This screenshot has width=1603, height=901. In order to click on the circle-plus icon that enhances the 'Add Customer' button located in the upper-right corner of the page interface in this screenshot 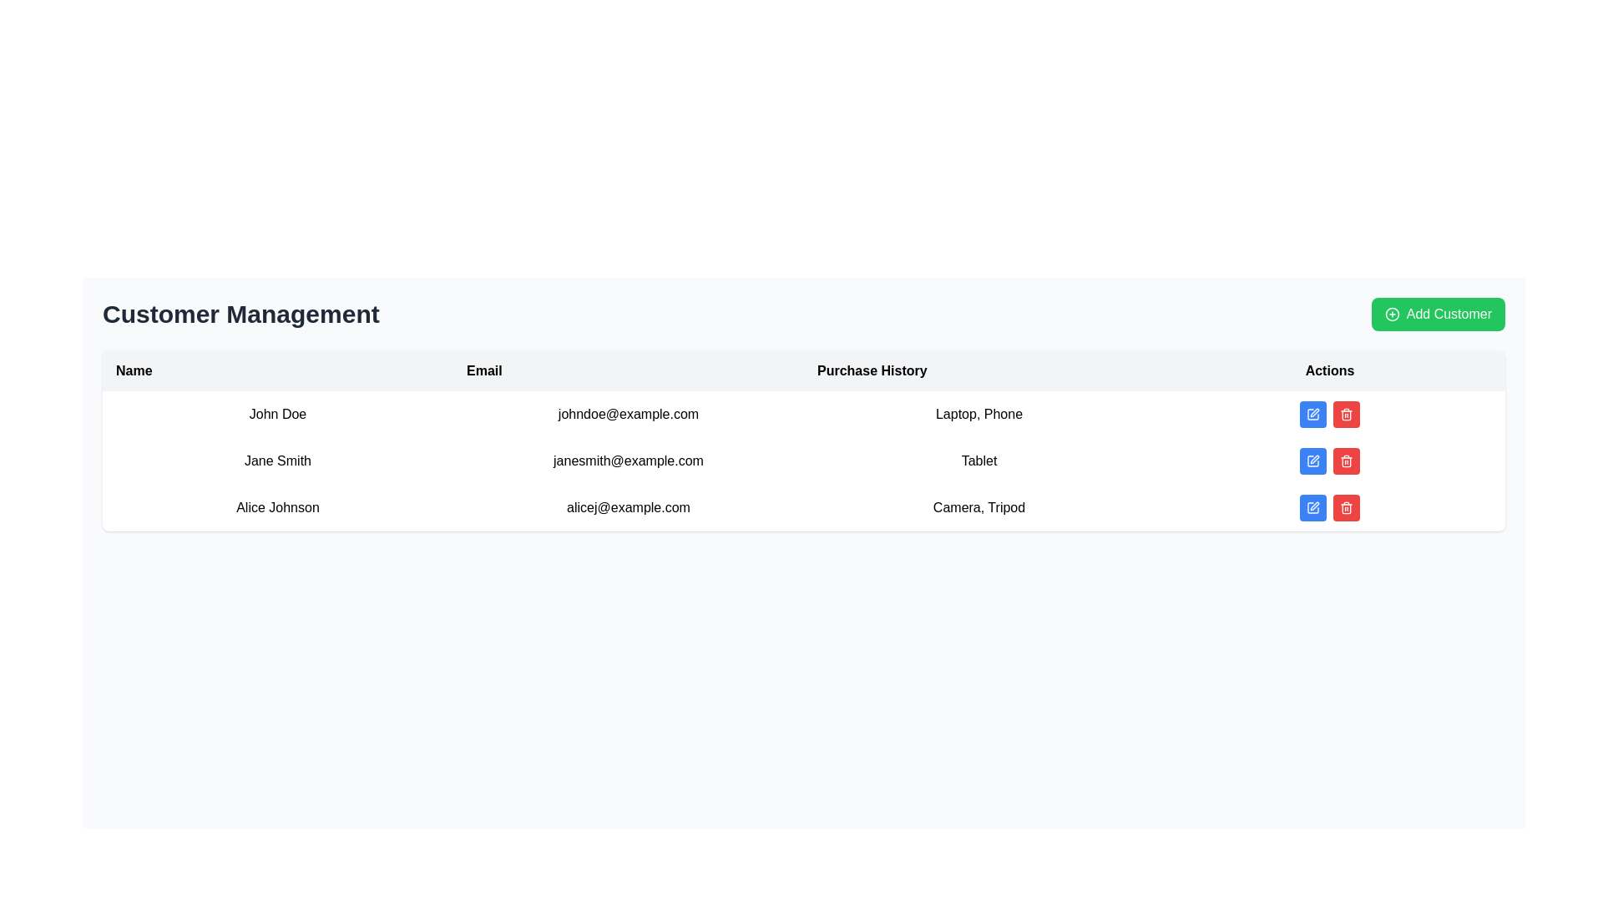, I will do `click(1392, 315)`.